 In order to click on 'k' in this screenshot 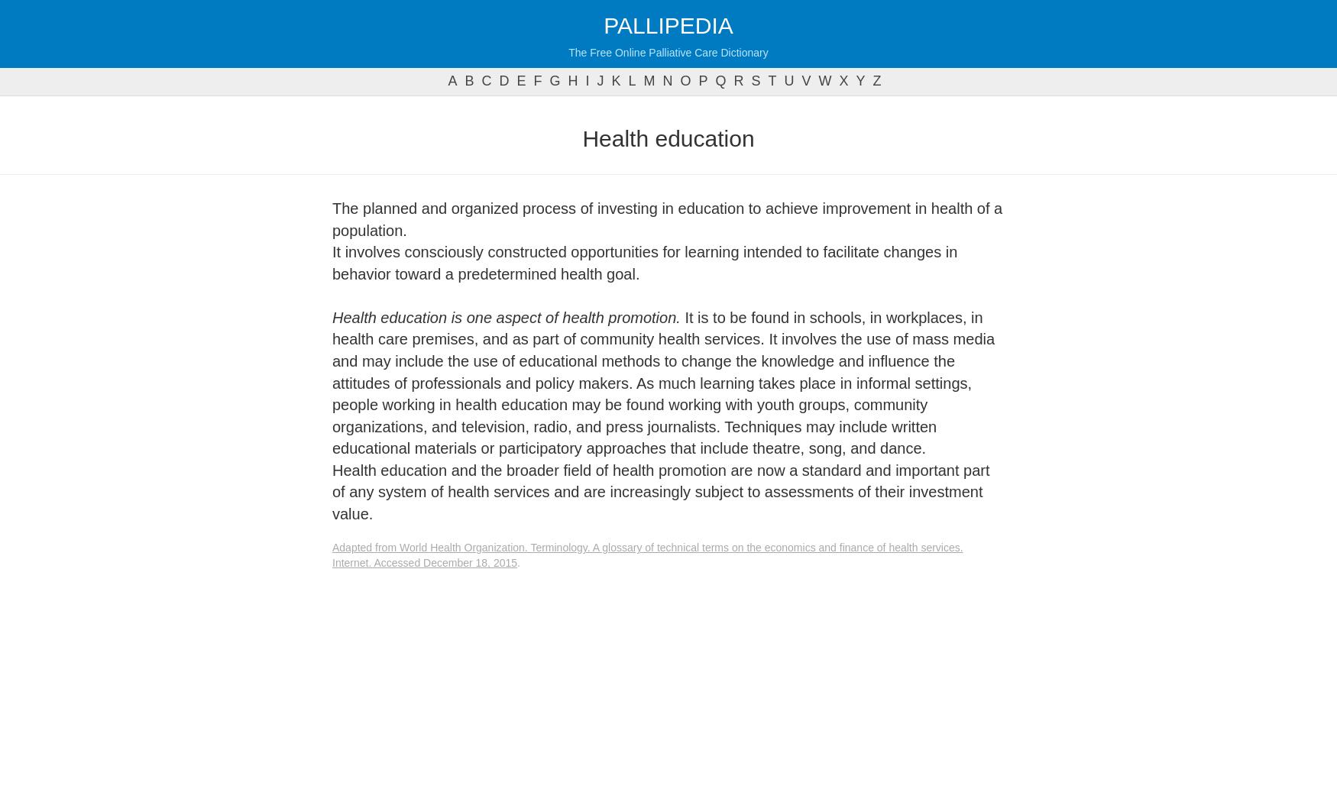, I will do `click(615, 81)`.